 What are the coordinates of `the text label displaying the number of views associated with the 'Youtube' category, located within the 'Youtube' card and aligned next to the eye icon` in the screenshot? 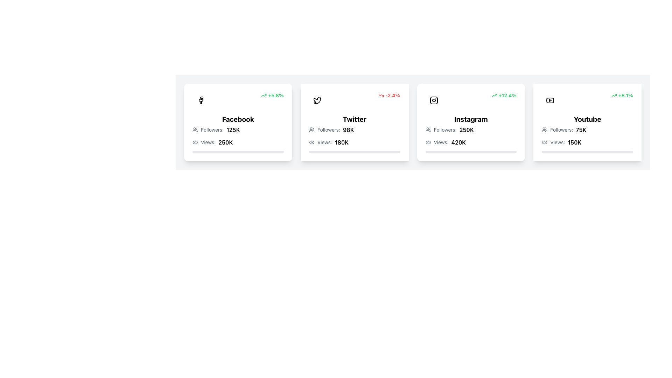 It's located at (574, 142).